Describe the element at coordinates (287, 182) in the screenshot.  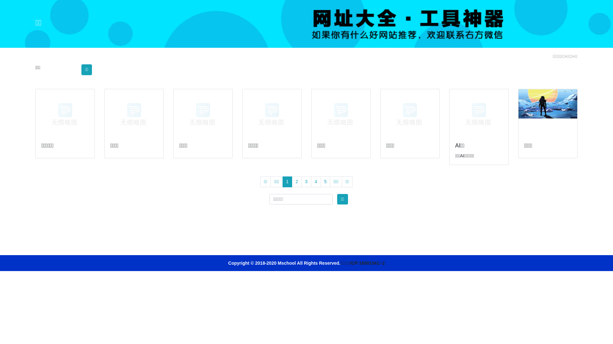
I see `'1'` at that location.